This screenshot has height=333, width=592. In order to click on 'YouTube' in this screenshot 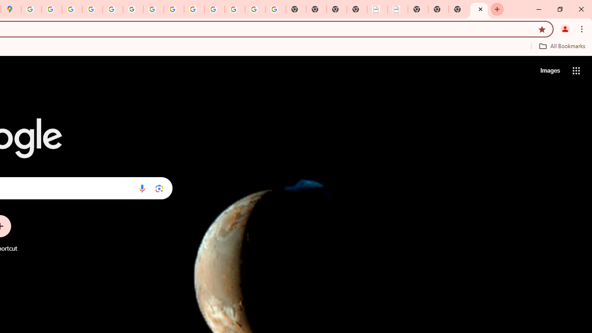, I will do `click(154, 9)`.